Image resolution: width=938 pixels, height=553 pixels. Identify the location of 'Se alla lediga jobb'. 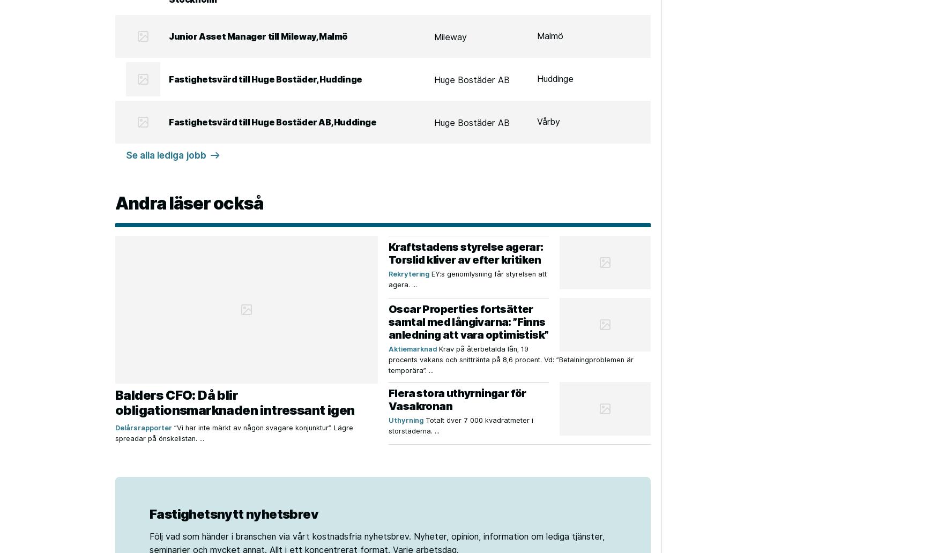
(126, 155).